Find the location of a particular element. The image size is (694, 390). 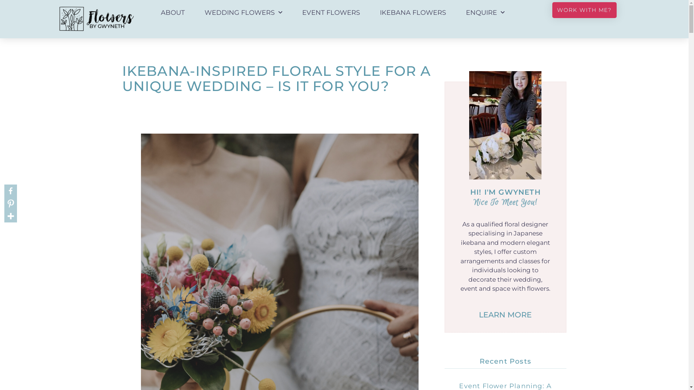

'Facebook' is located at coordinates (10, 190).